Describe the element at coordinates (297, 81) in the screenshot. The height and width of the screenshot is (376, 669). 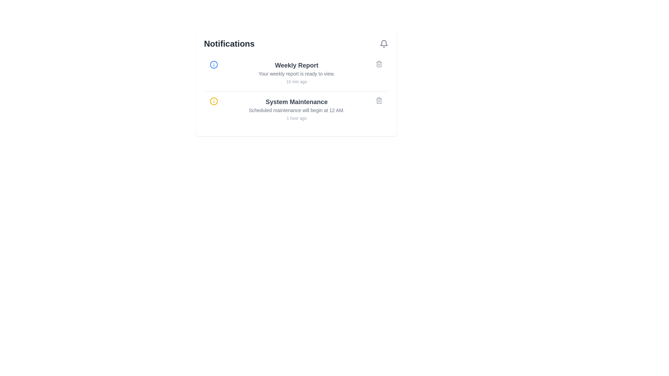
I see `the static text displaying '10 min ago' located within the 'Weekly Report' notification, which is aligned towards the bottom right inside the notification box` at that location.